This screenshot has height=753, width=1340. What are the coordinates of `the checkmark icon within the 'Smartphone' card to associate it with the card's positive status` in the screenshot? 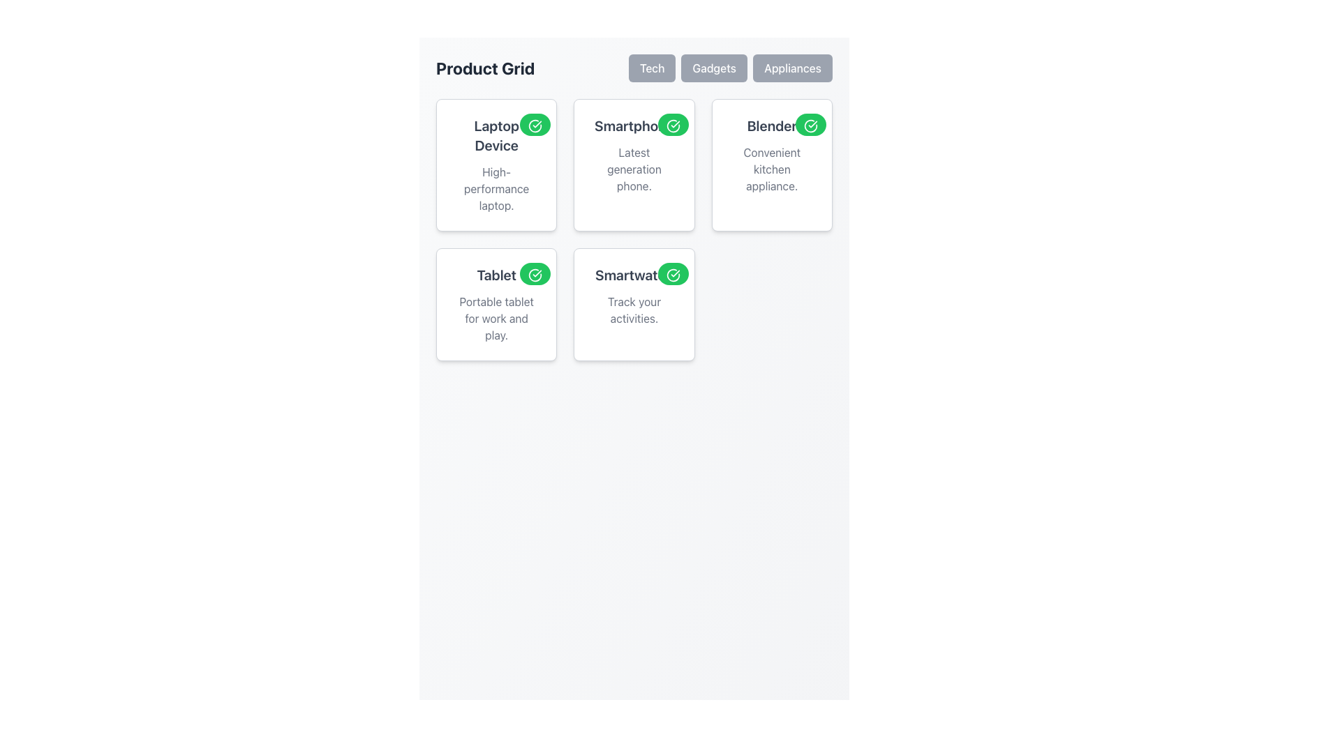 It's located at (673, 125).